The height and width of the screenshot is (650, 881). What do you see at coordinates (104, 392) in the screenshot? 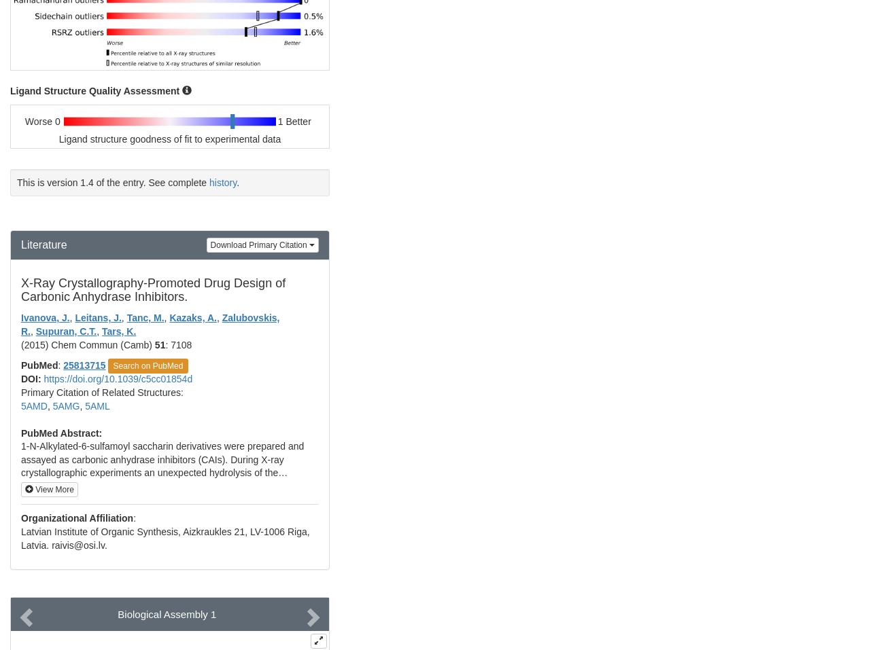
I see `'Primary Citation of Related Structures:'` at bounding box center [104, 392].